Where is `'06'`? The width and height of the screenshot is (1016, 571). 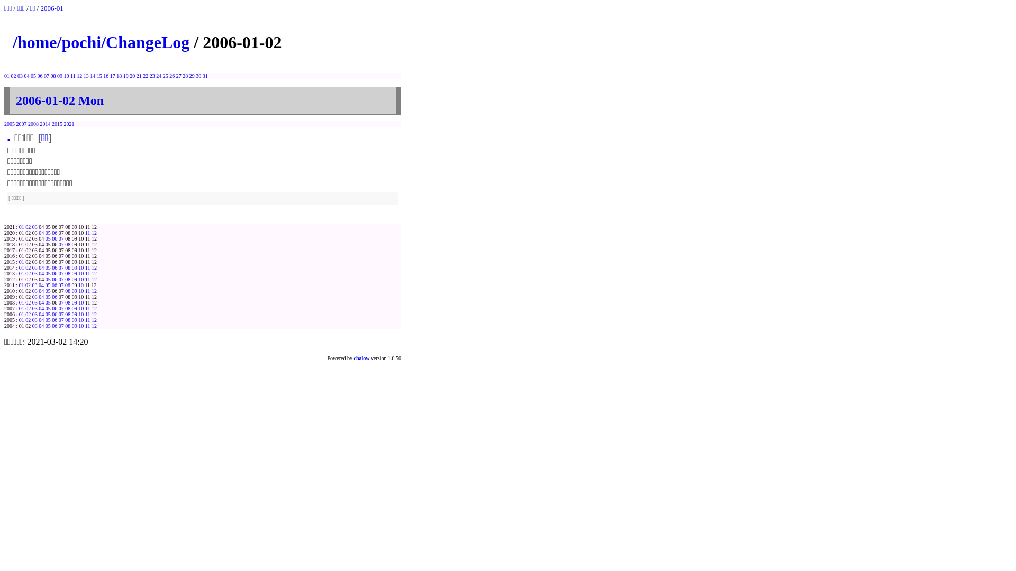
'06' is located at coordinates (53, 319).